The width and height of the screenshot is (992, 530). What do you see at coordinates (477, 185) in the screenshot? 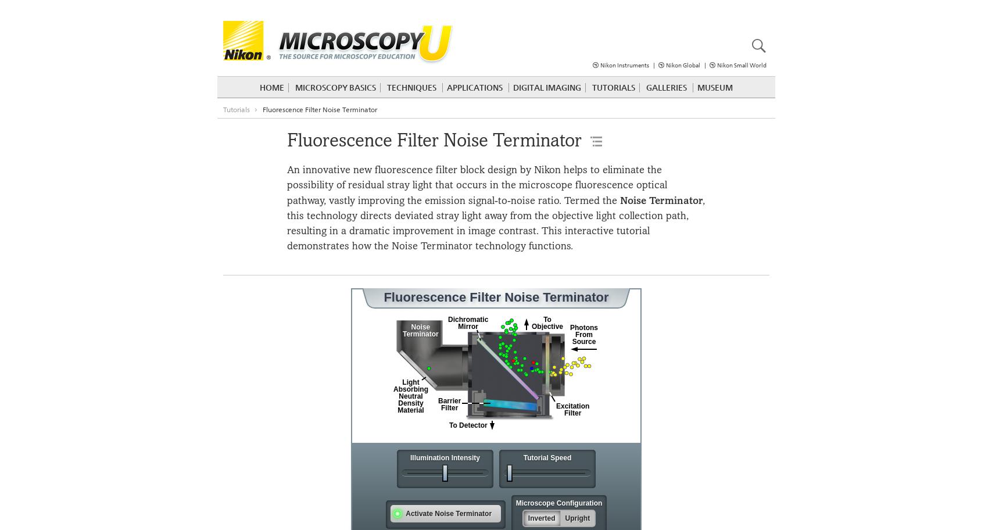
I see `'An innovative new fluorescence filter block design by Nikon helps to eliminate the possibility of residual stray light that occurs in the microscope fluorescence optical pathway, vastly improving the emission signal-to-noise ratio. Termed the'` at bounding box center [477, 185].